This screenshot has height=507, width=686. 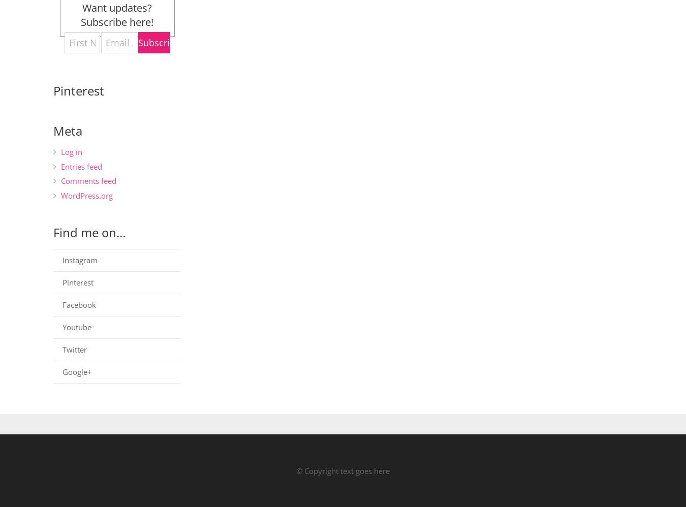 I want to click on 'Log in', so click(x=71, y=151).